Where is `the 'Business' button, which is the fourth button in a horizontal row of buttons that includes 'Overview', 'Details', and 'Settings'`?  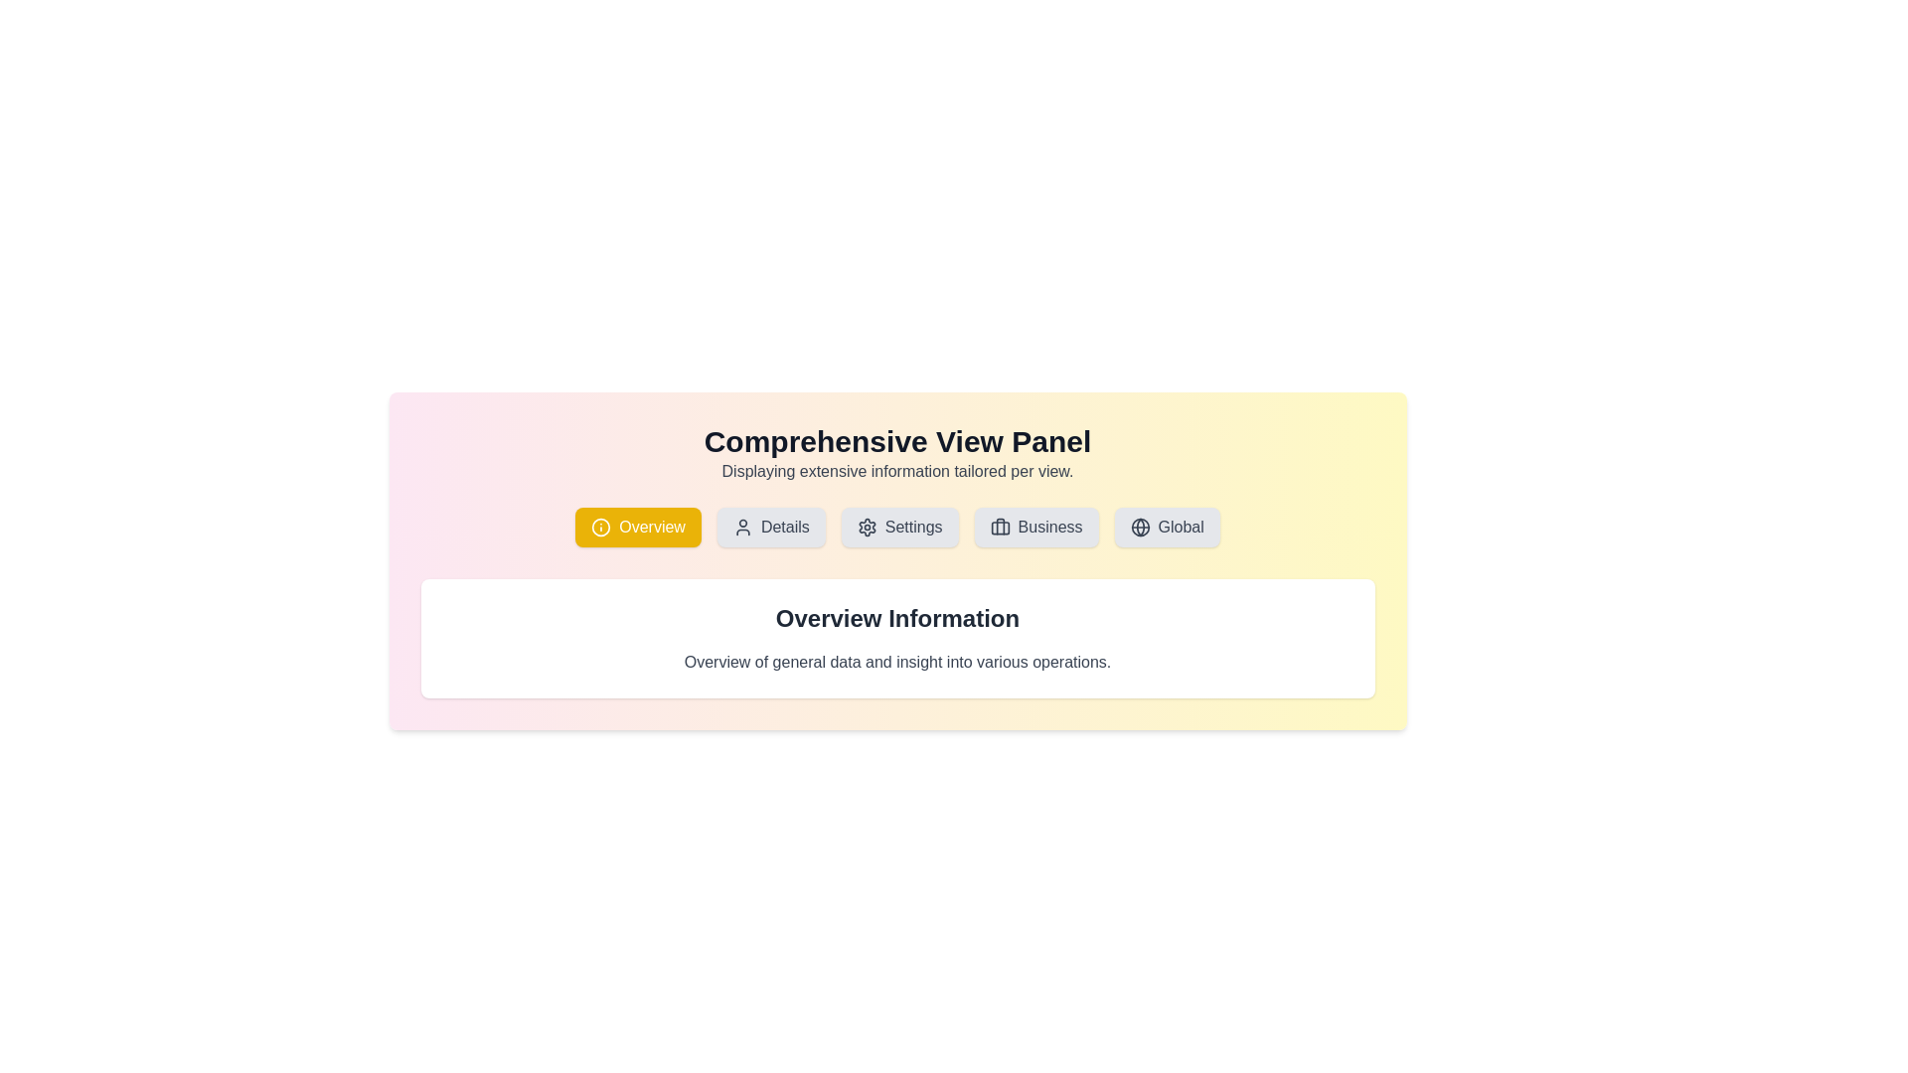 the 'Business' button, which is the fourth button in a horizontal row of buttons that includes 'Overview', 'Details', and 'Settings' is located at coordinates (1049, 527).